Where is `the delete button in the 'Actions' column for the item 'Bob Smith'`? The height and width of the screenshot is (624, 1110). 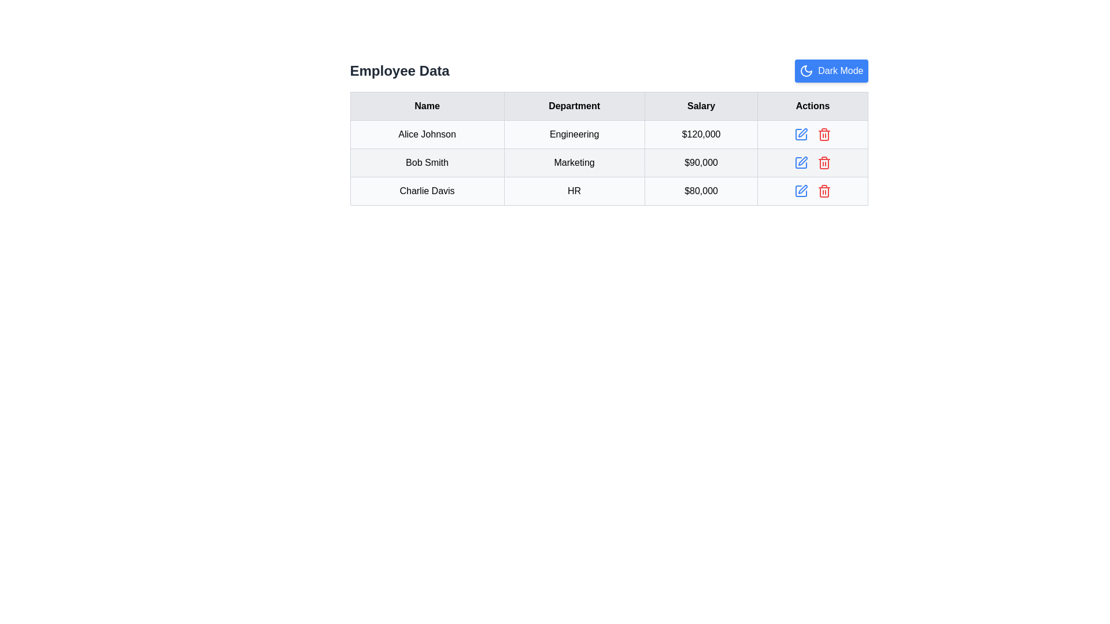
the delete button in the 'Actions' column for the item 'Bob Smith' is located at coordinates (823, 162).